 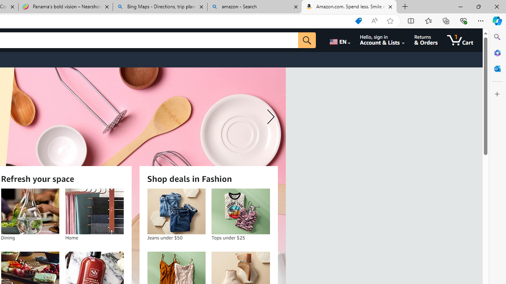 I want to click on 'Collections', so click(x=446, y=20).